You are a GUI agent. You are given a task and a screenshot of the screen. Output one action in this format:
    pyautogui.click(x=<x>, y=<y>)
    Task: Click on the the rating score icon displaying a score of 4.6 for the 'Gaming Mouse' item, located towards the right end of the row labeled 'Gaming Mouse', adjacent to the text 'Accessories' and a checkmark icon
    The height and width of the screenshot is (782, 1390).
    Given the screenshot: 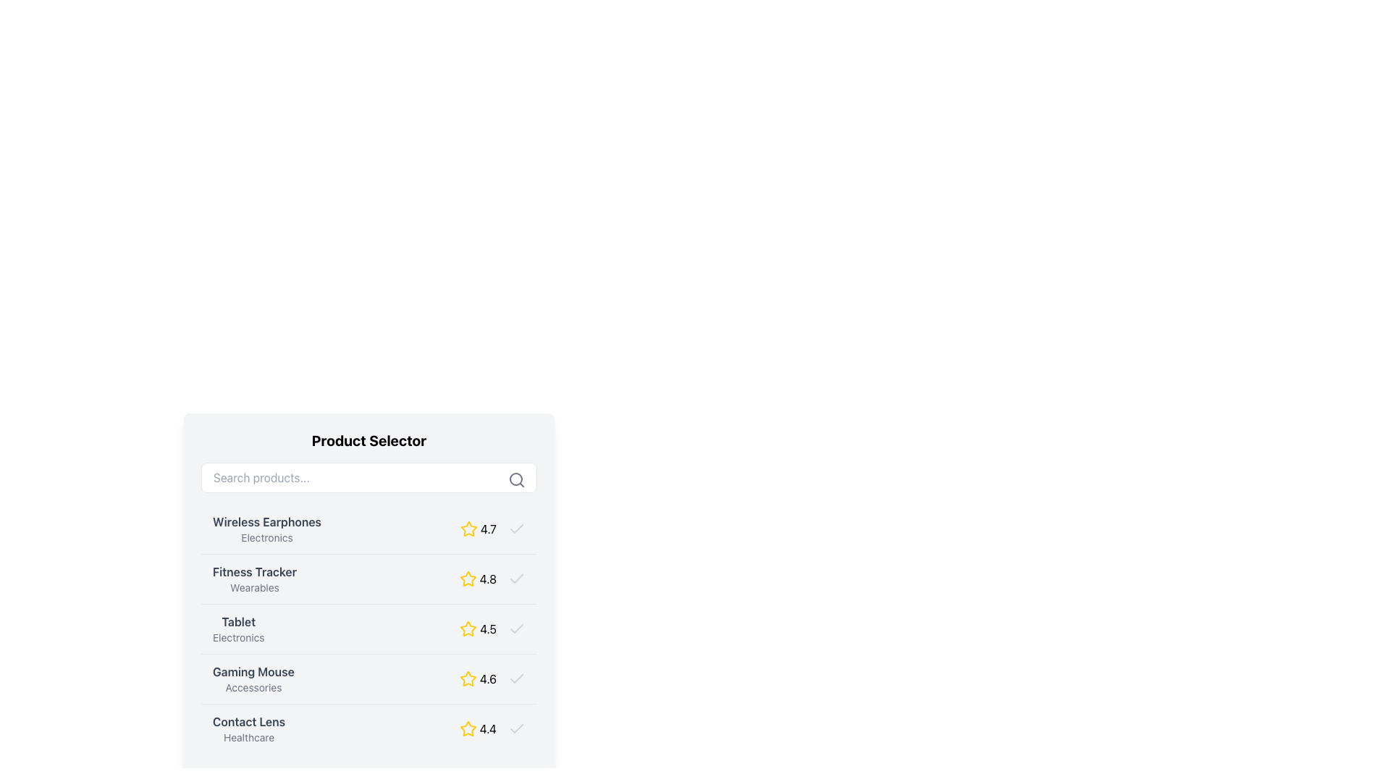 What is the action you would take?
    pyautogui.click(x=492, y=678)
    